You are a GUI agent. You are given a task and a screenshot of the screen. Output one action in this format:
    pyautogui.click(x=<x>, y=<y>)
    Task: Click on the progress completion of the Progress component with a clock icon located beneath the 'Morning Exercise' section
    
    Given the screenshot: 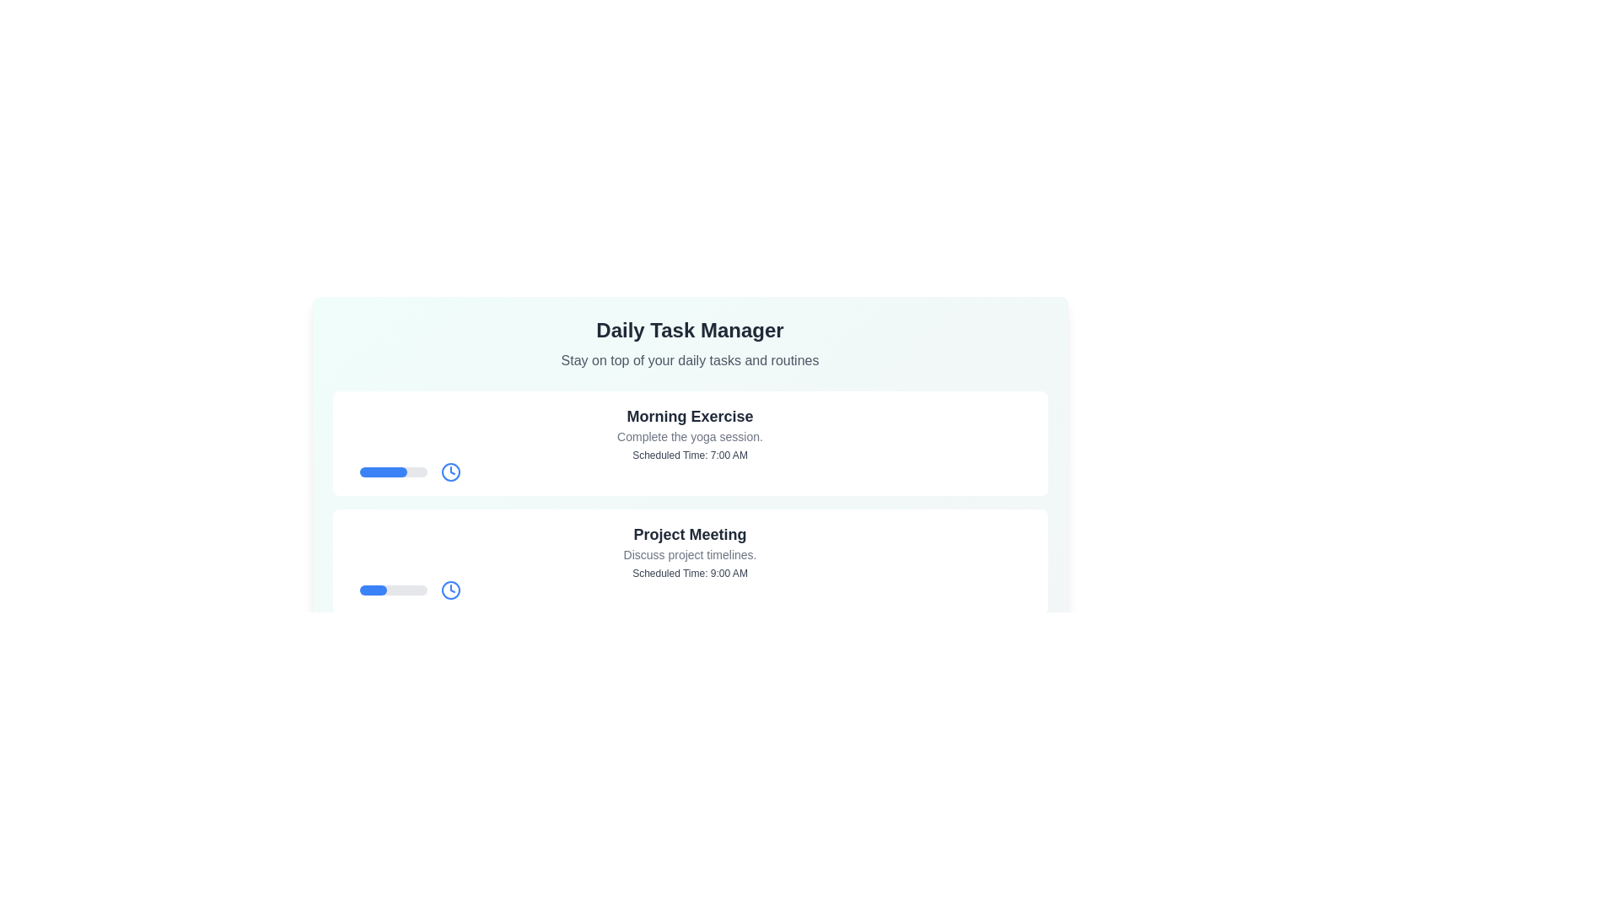 What is the action you would take?
    pyautogui.click(x=697, y=472)
    